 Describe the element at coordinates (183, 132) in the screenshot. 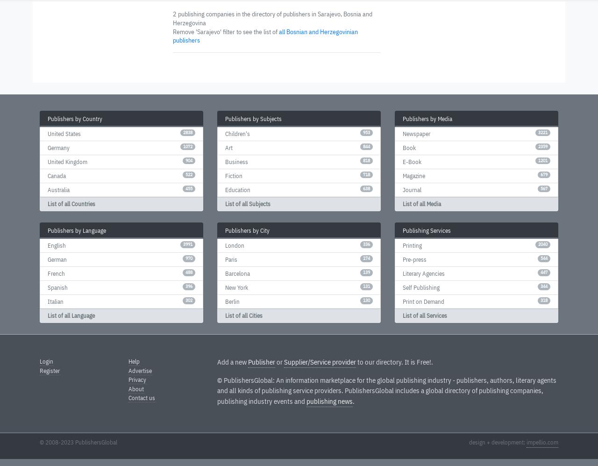

I see `'2838'` at that location.